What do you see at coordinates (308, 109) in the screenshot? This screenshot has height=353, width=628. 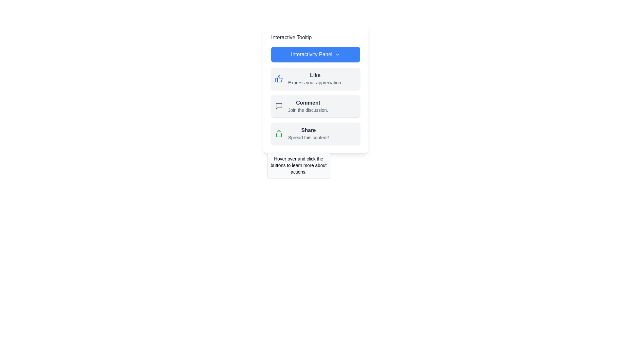 I see `the text label that provides descriptive information associated with the 'Comment' action, located below the 'Comment' text in a tooltip layout` at bounding box center [308, 109].